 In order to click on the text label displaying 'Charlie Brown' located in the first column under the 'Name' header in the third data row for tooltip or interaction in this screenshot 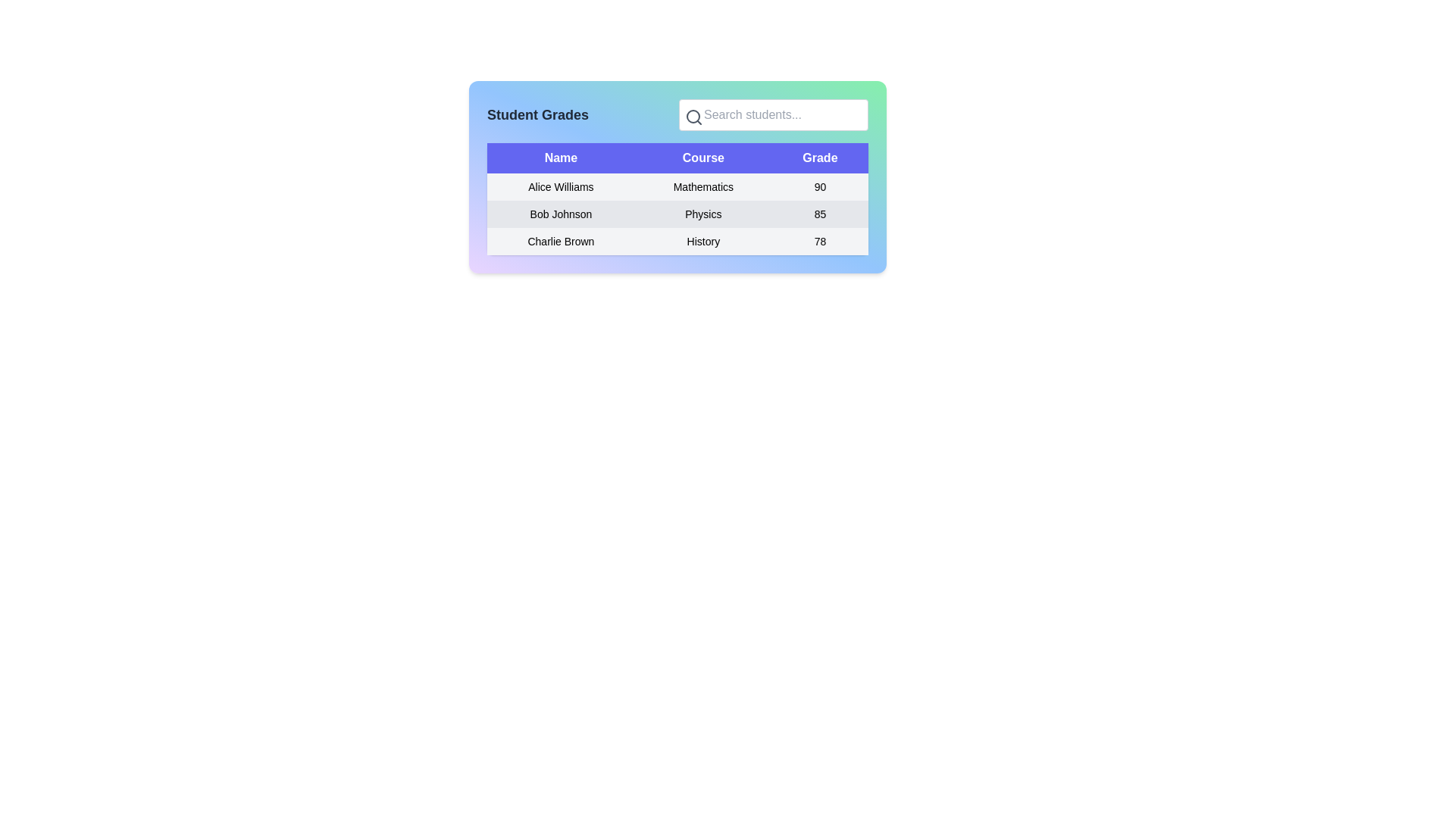, I will do `click(560, 241)`.